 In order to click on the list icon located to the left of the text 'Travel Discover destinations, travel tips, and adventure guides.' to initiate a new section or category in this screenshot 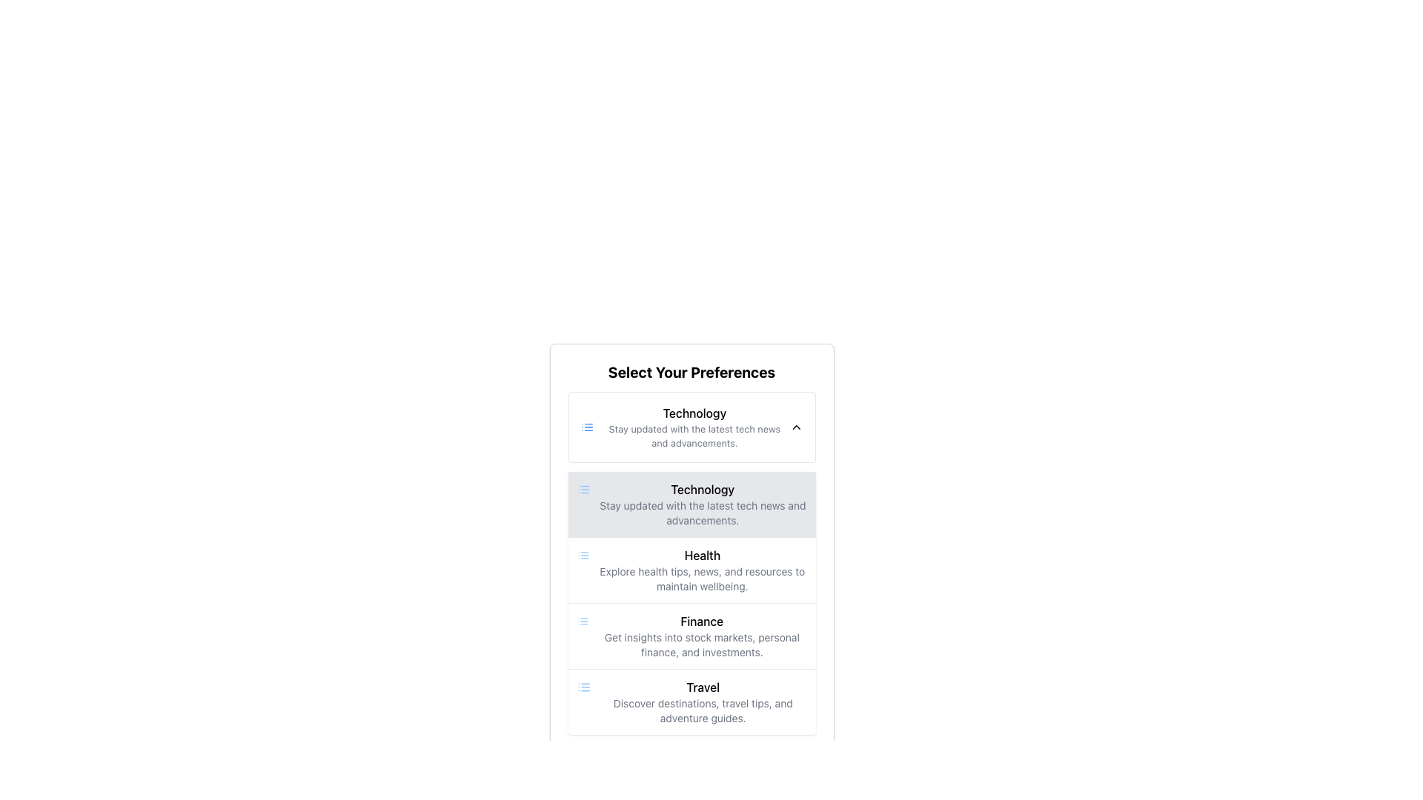, I will do `click(583, 687)`.